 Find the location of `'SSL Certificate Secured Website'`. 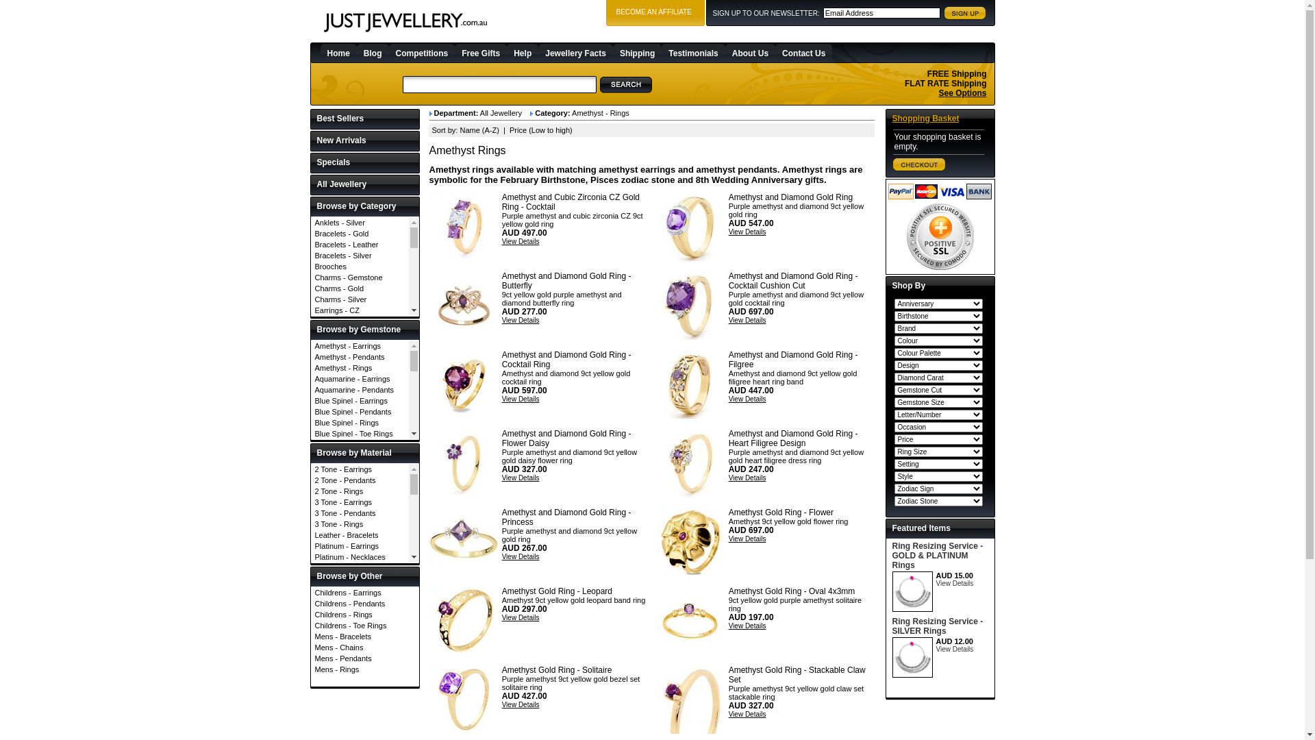

'SSL Certificate Secured Website' is located at coordinates (939, 236).